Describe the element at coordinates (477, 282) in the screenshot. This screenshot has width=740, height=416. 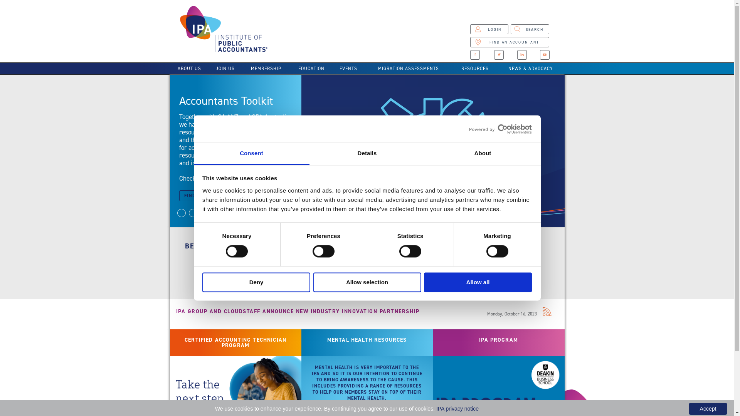
I see `'Allow all'` at that location.